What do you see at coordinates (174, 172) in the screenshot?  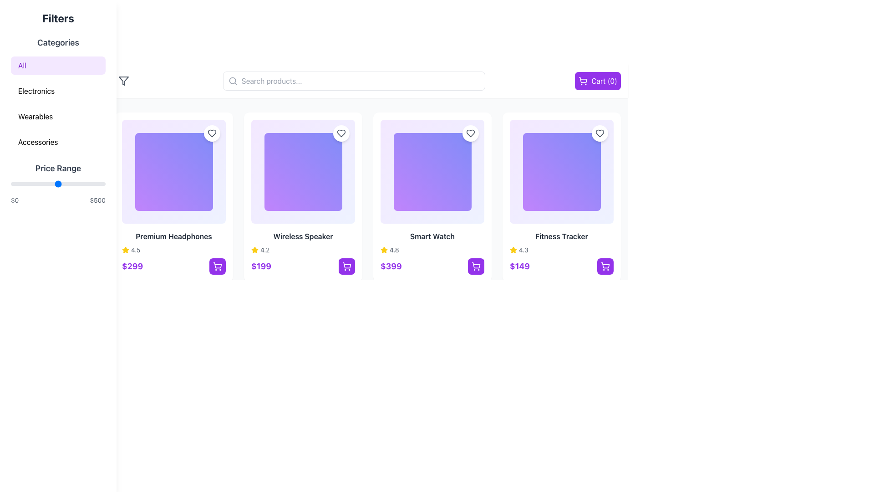 I see `the image placeholder located within the first product card, which is the largest visual element above the product title 'Premium Headphones'` at bounding box center [174, 172].